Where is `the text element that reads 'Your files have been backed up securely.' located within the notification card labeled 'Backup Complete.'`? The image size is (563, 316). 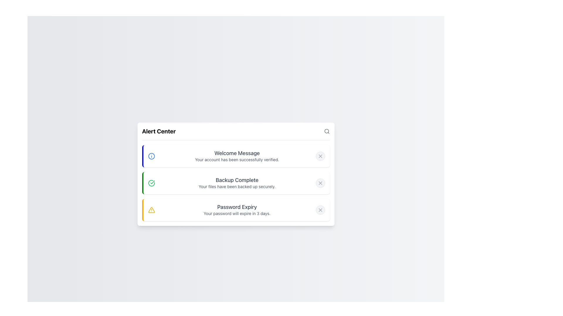
the text element that reads 'Your files have been backed up securely.' located within the notification card labeled 'Backup Complete.' is located at coordinates (237, 186).